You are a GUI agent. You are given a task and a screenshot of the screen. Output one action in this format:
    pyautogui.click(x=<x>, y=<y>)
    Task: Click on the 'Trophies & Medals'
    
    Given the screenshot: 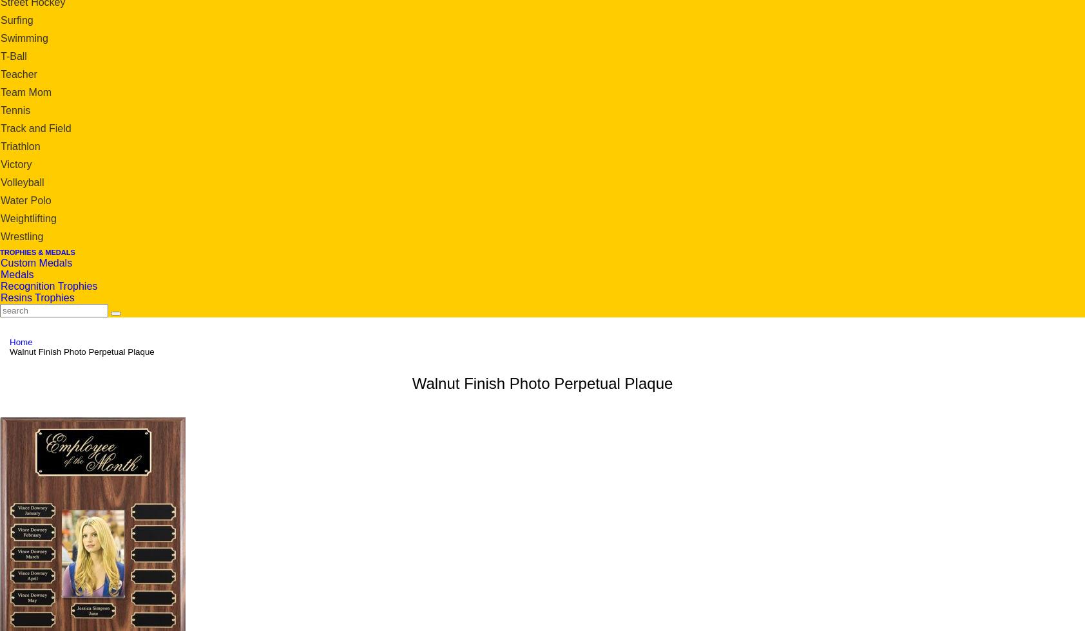 What is the action you would take?
    pyautogui.click(x=36, y=252)
    